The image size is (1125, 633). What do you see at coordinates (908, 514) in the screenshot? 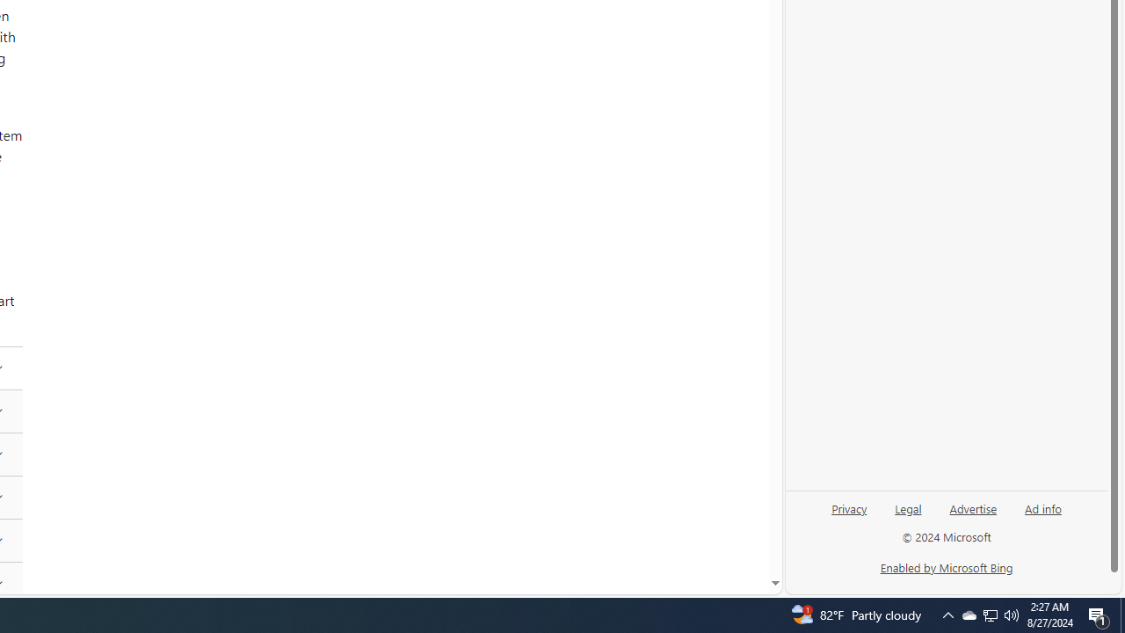
I see `'Legal'` at bounding box center [908, 514].